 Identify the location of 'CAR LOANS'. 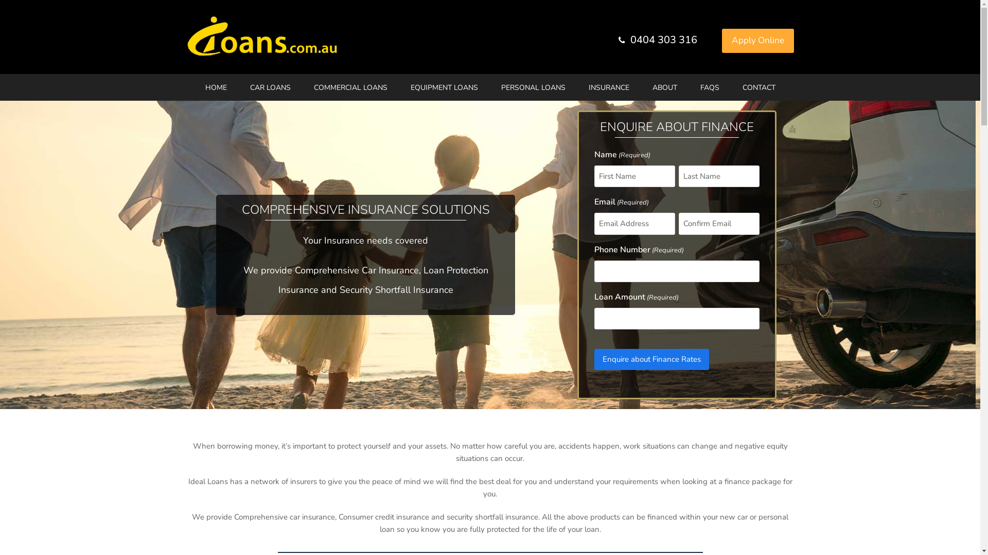
(270, 86).